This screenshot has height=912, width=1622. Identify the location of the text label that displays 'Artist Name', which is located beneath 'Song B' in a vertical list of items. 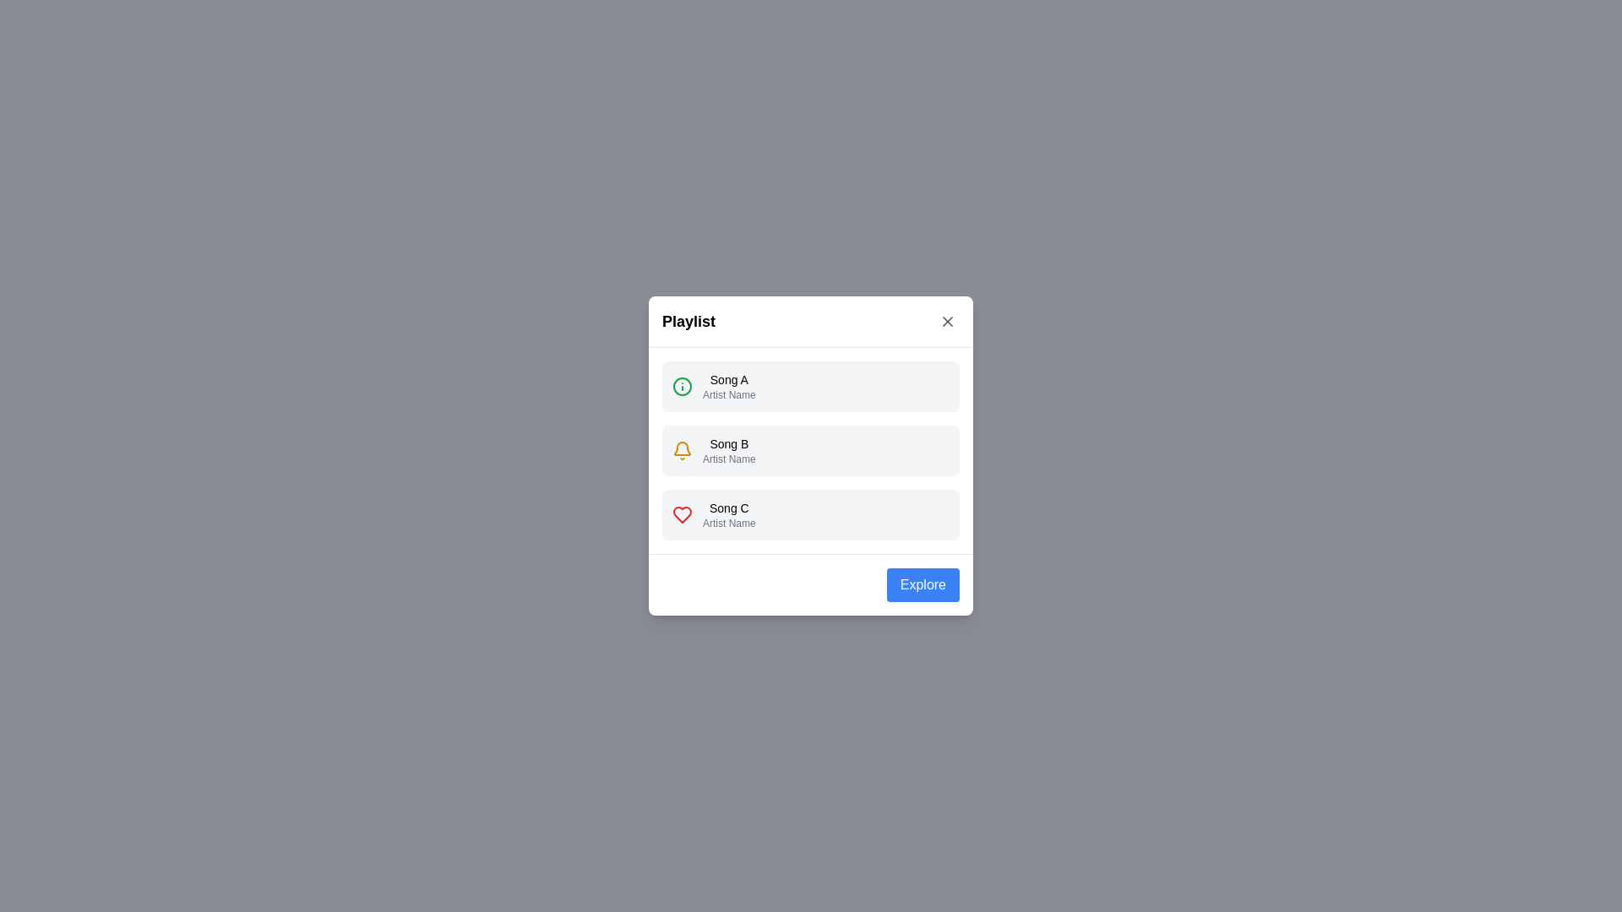
(729, 459).